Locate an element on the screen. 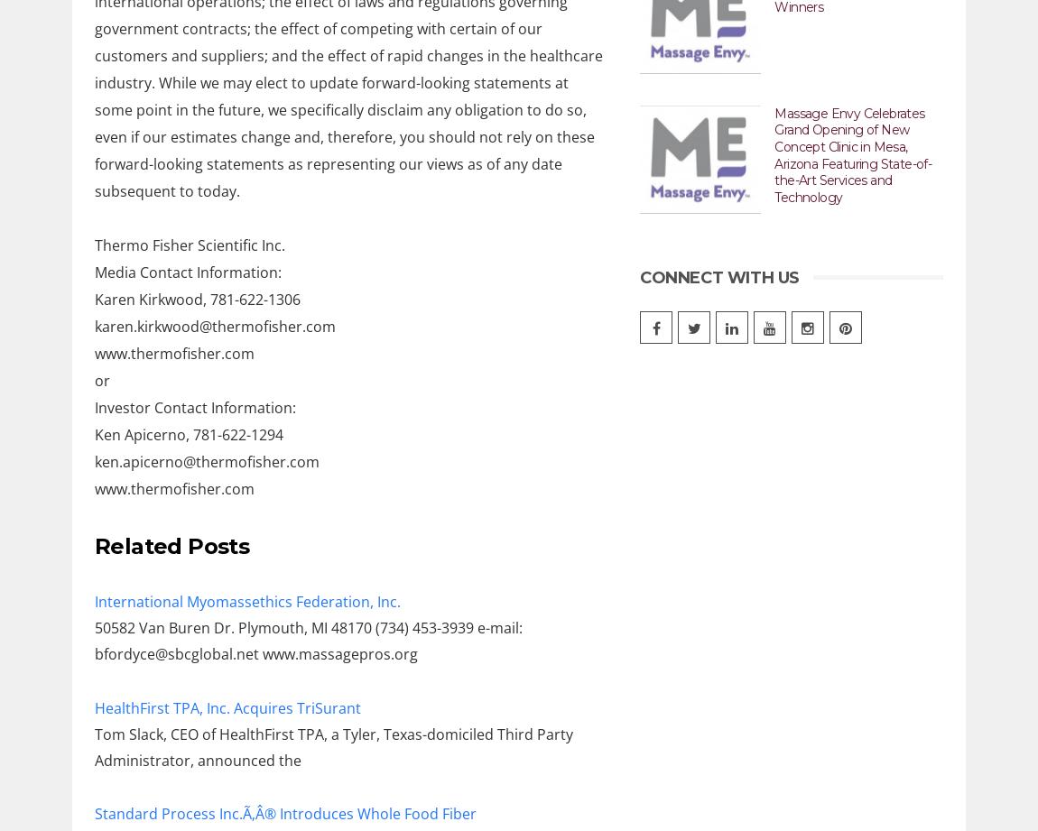  '50582 Van Buren Dr. Plymouth, MI 48170 (734) 453-3939 e-mail: bfordyce@sbcglobal.net www.massagepros.org' is located at coordinates (309, 641).